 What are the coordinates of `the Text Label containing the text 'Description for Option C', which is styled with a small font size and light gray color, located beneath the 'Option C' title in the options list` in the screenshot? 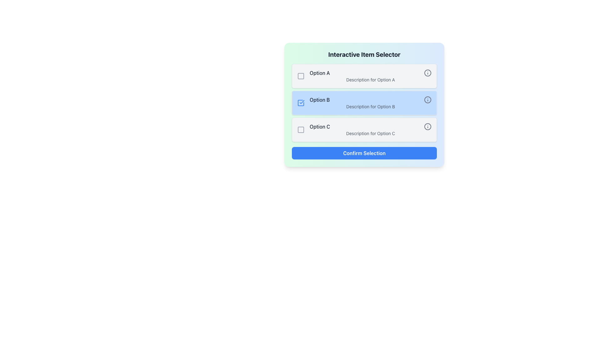 It's located at (370, 133).